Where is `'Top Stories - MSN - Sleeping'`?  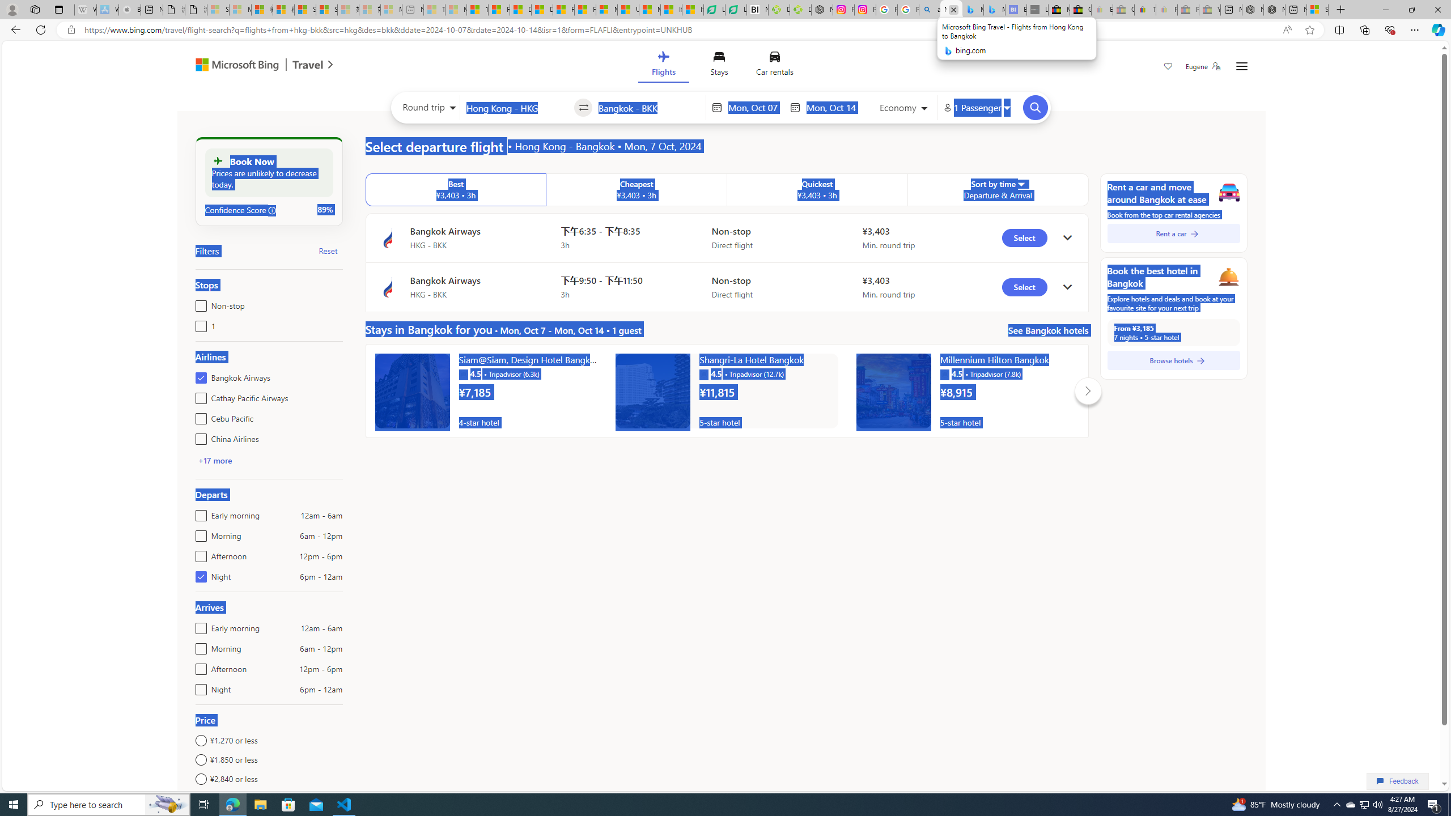 'Top Stories - MSN - Sleeping' is located at coordinates (434, 9).